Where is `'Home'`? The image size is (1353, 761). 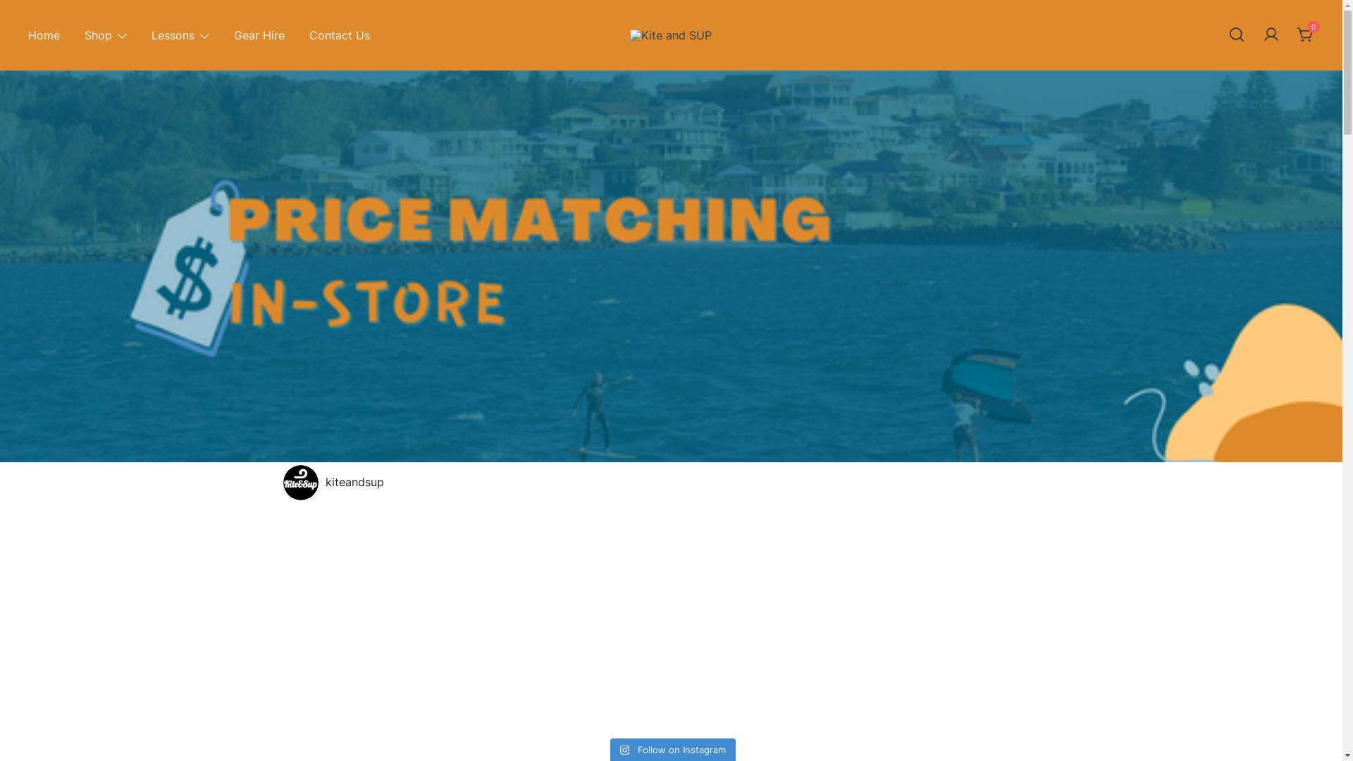 'Home' is located at coordinates (27, 35).